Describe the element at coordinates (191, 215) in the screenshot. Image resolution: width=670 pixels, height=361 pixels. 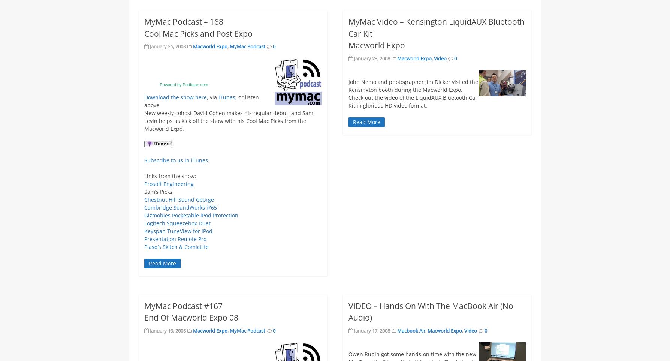
I see `'Gizmobies Pocketable iPod Protection'` at that location.